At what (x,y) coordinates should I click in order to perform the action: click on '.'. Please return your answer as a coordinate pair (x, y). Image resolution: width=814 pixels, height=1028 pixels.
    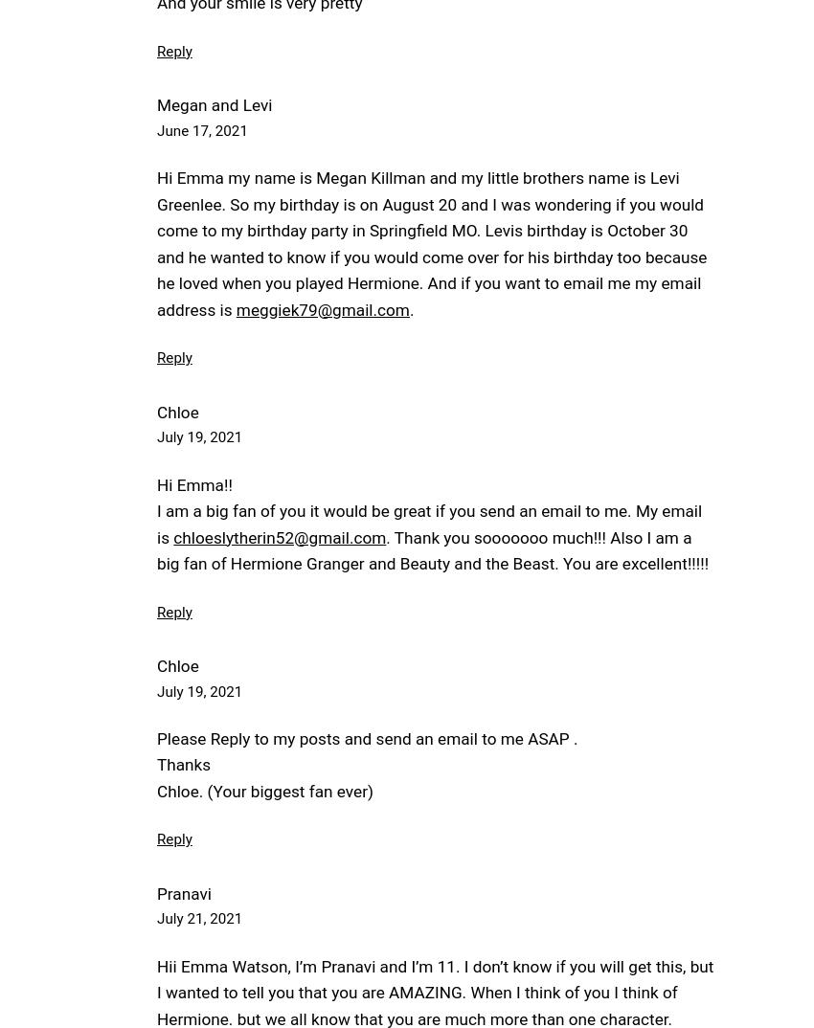
    Looking at the image, I should click on (410, 308).